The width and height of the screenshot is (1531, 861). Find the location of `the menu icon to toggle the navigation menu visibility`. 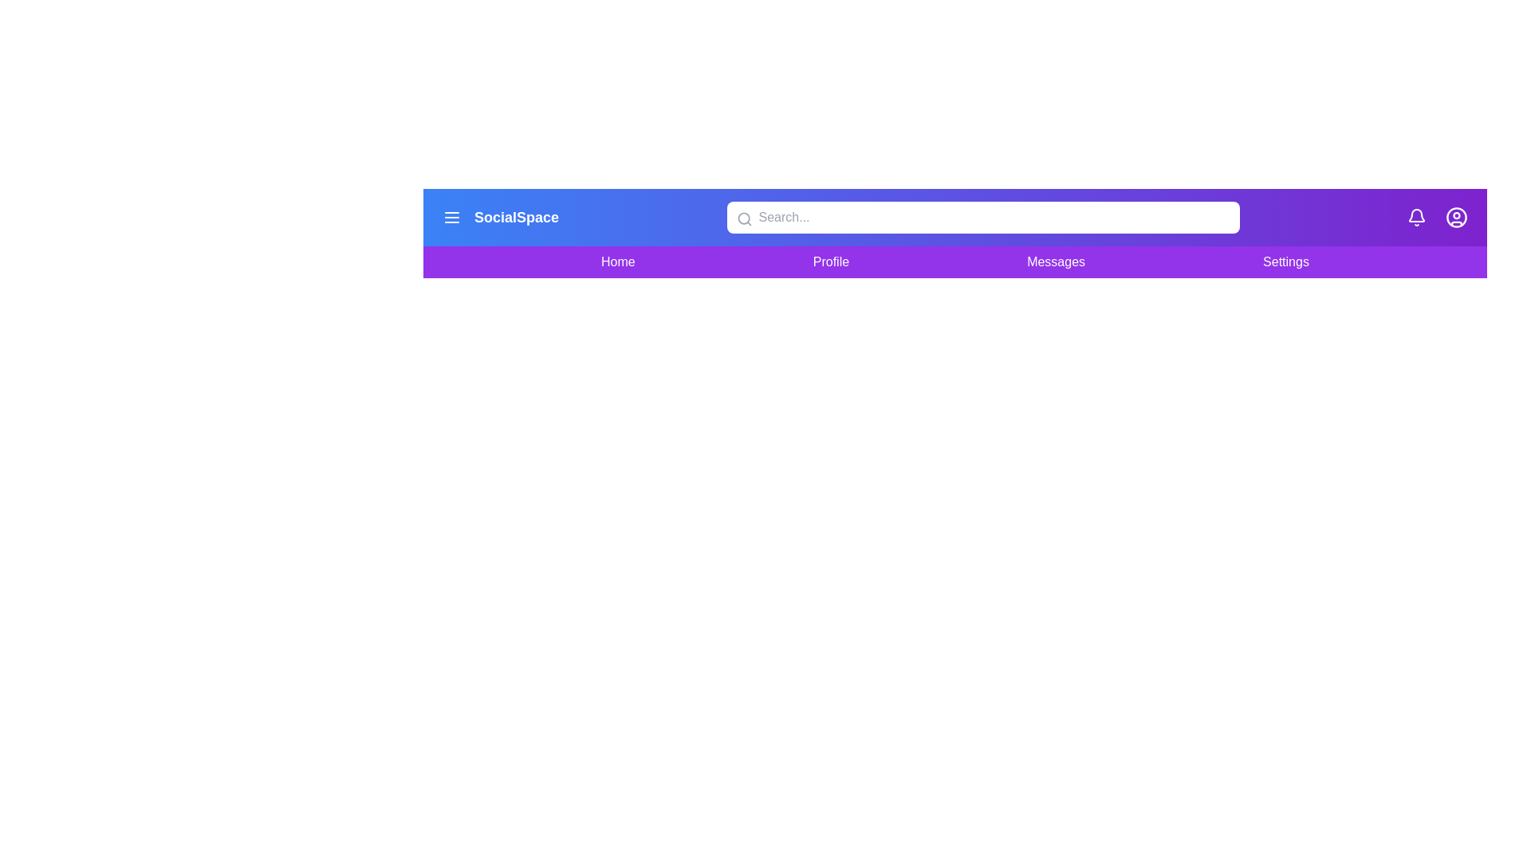

the menu icon to toggle the navigation menu visibility is located at coordinates (451, 218).